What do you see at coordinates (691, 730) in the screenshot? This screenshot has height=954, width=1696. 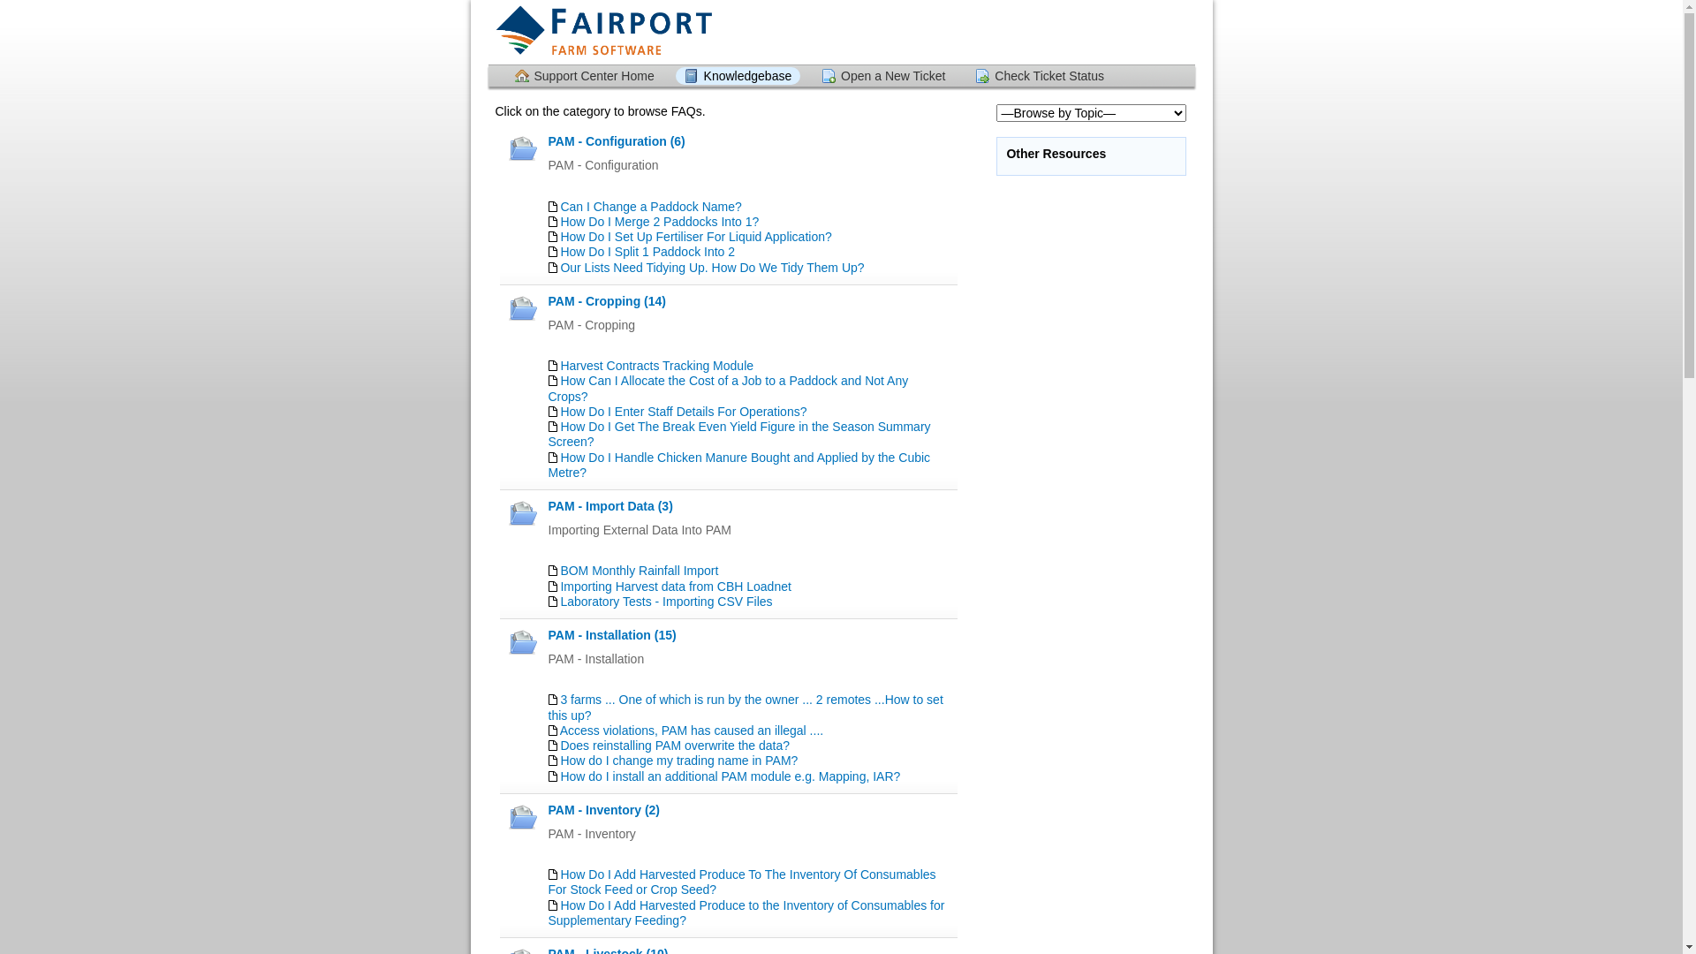 I see `'Access violations, PAM has caused an illegal ....'` at bounding box center [691, 730].